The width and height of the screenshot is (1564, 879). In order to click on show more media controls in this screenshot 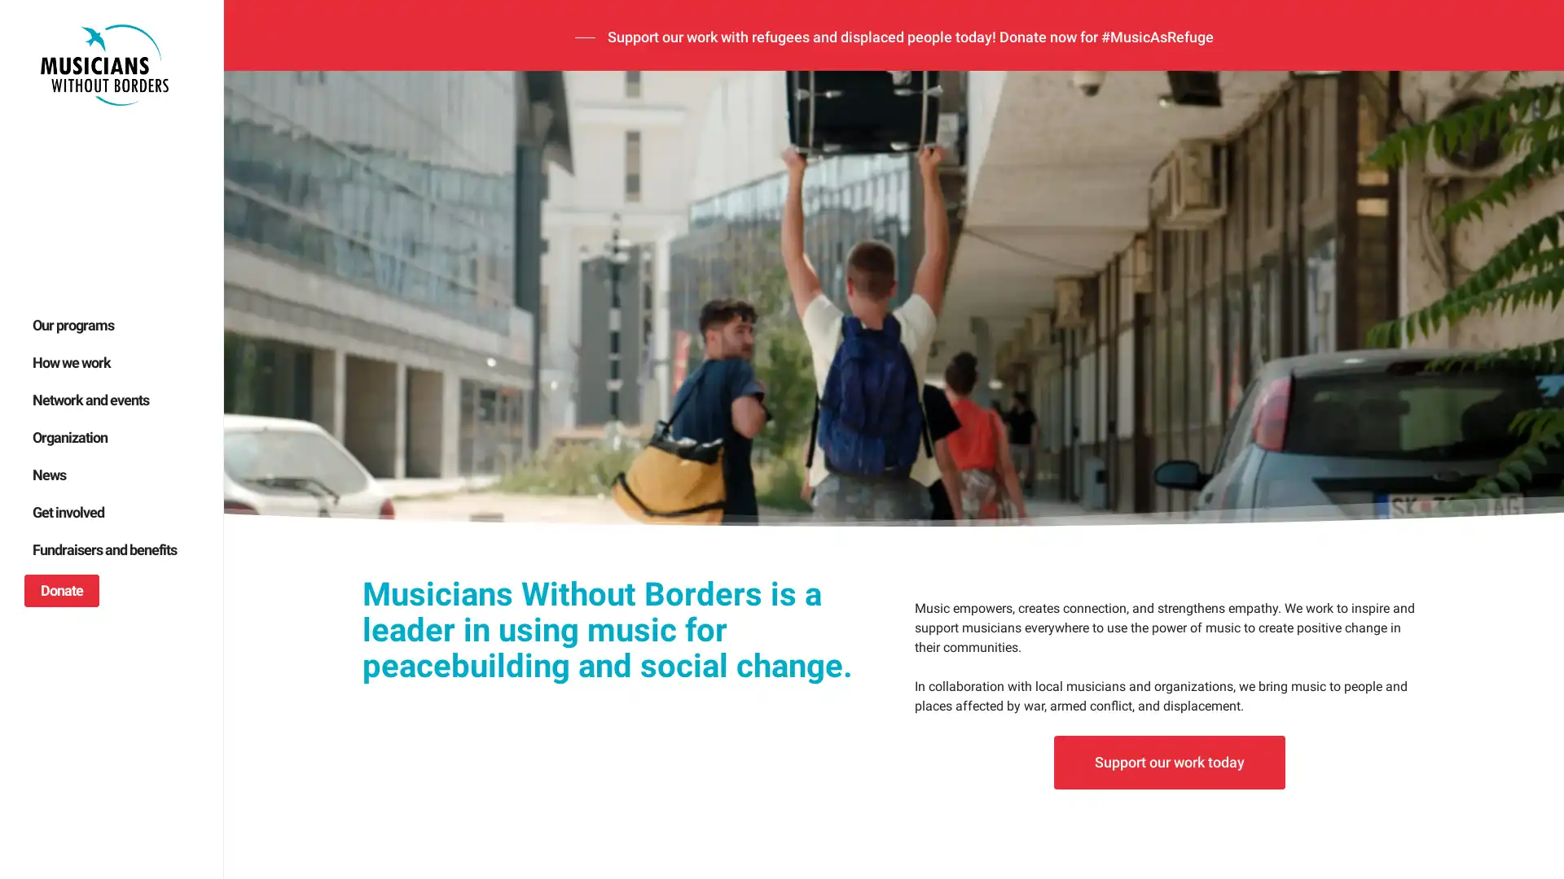, I will do `click(1524, 645)`.